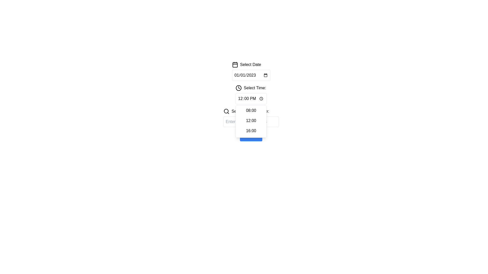  What do you see at coordinates (238, 88) in the screenshot?
I see `the clock icon with a circular design and clock hands, which is positioned next to the text 'Select Time:' in the interface` at bounding box center [238, 88].